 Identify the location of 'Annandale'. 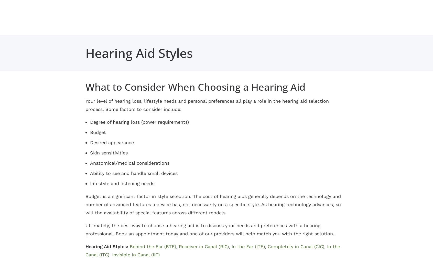
(314, 38).